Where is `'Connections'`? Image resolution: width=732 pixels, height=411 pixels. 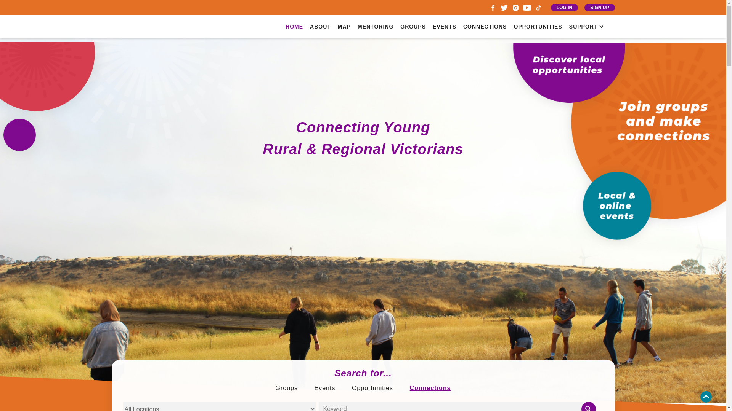 'Connections' is located at coordinates (430, 388).